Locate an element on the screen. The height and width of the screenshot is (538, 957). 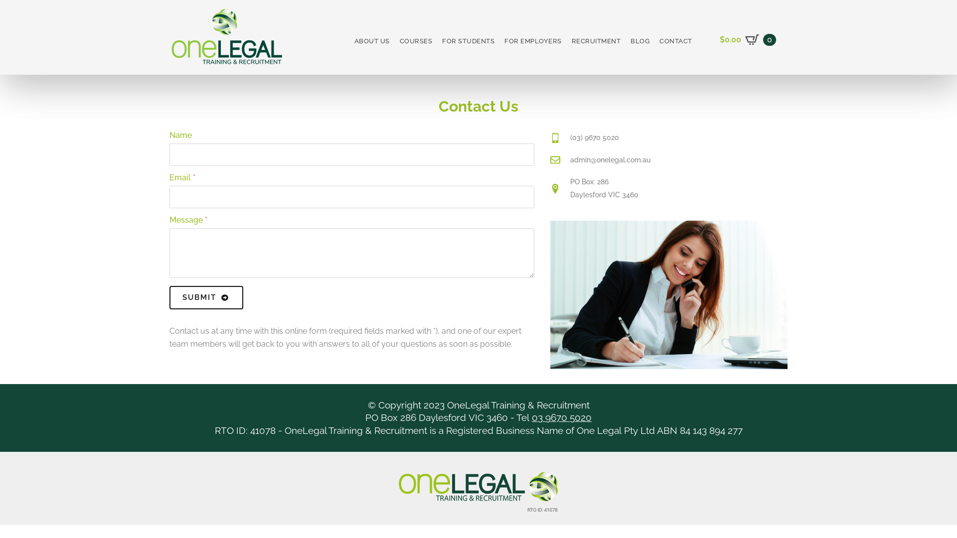
'FOR EMPLOYERS' is located at coordinates (532, 40).